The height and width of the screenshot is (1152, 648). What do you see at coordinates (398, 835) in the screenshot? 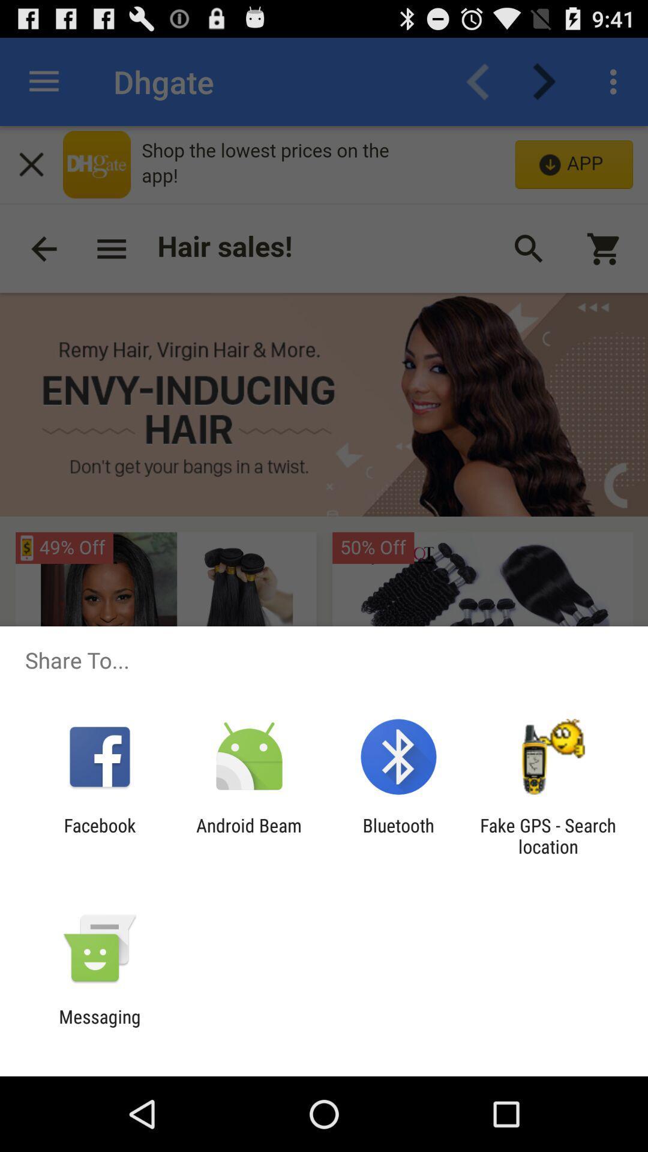
I see `icon next to the android beam icon` at bounding box center [398, 835].